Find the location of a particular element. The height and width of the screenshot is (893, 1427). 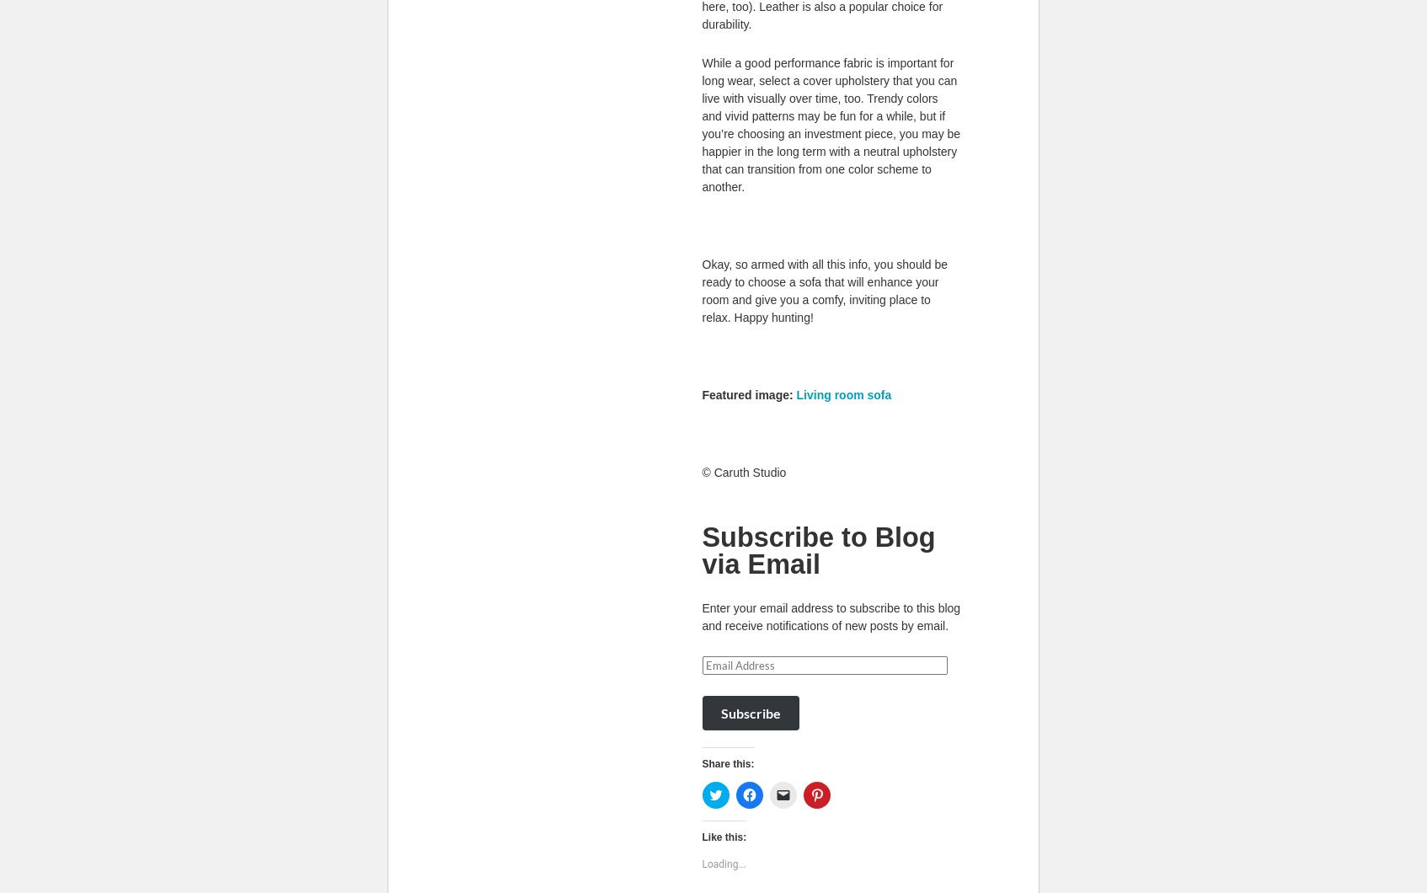

'Subscribe to Blog via Email' is located at coordinates (817, 550).